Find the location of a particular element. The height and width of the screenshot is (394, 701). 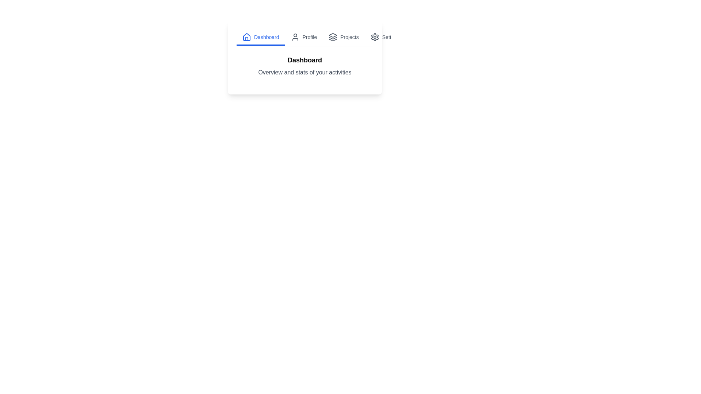

the icon of the Dashboard tab is located at coordinates (247, 37).